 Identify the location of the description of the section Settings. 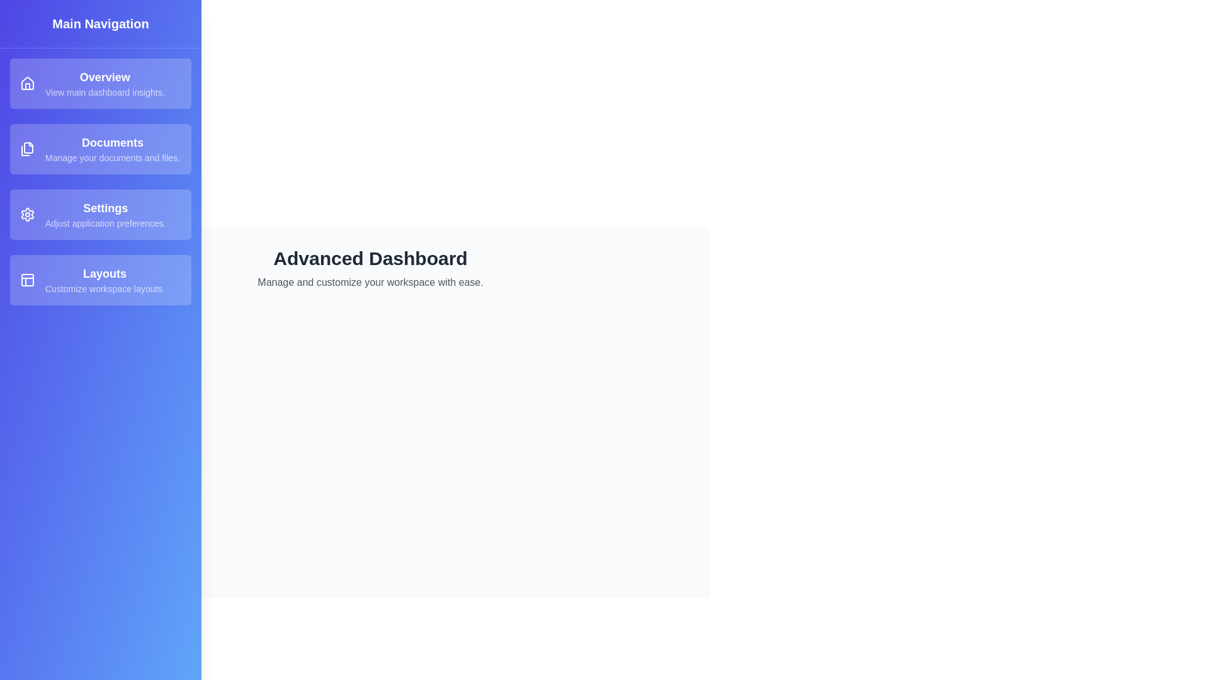
(99, 213).